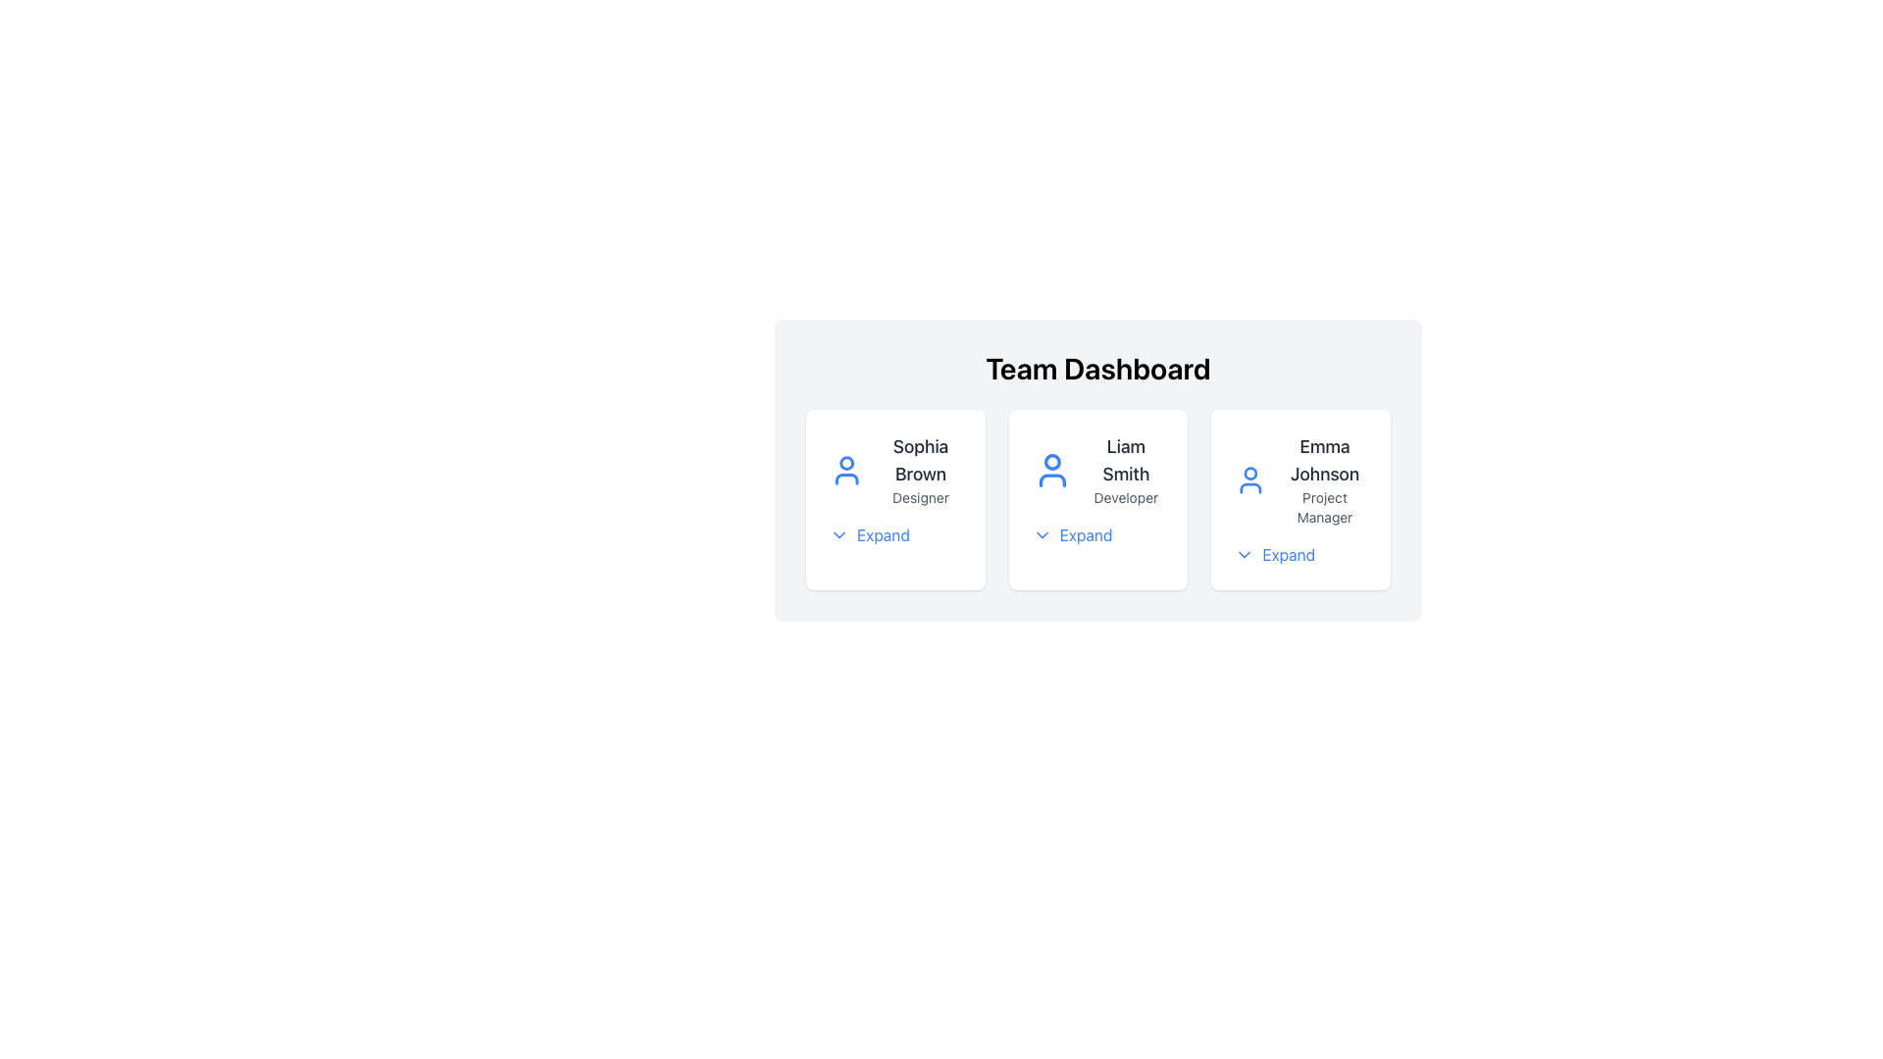  I want to click on the collapsible text element styled in blue font with an arrow icon, located below 'Liam Smith Developer', so click(1096, 535).